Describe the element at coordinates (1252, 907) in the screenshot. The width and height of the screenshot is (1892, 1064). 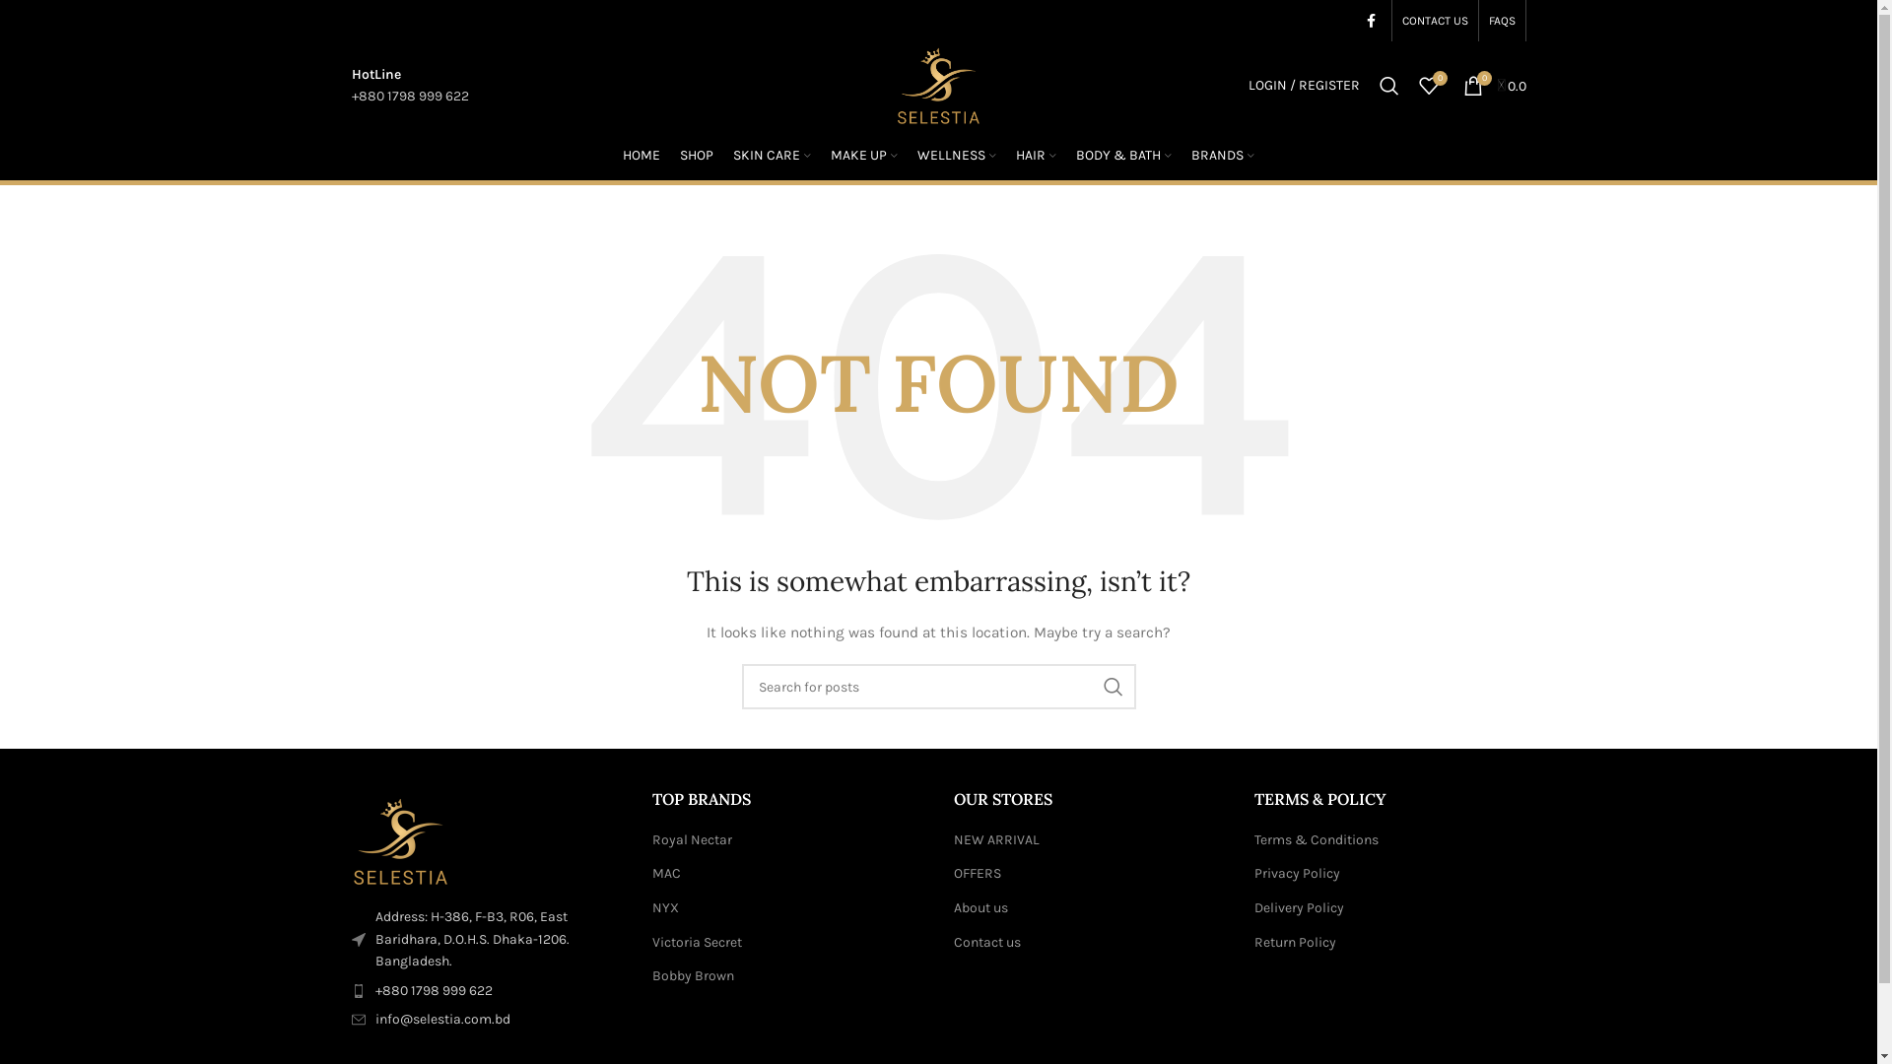
I see `'Delivery Policy'` at that location.